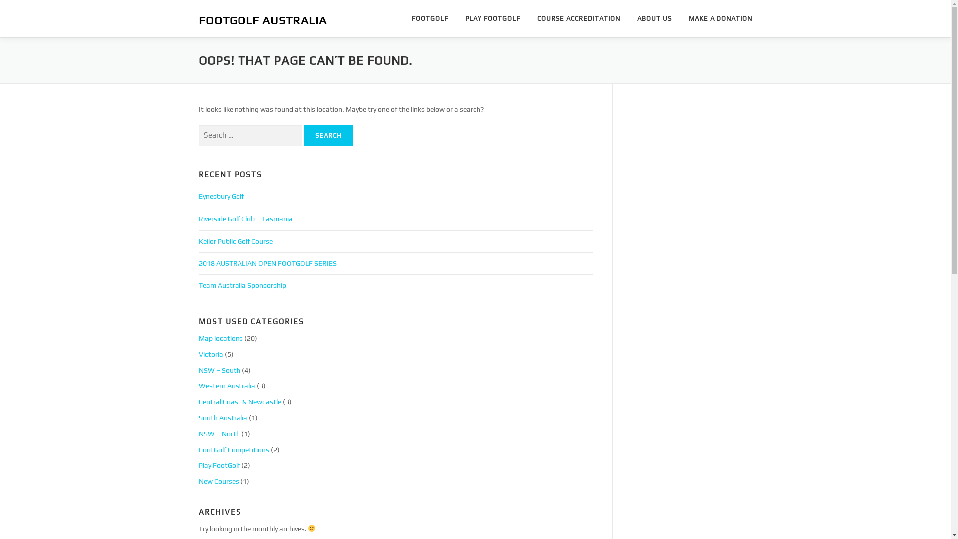 This screenshot has width=958, height=539. What do you see at coordinates (220, 338) in the screenshot?
I see `'Map locations'` at bounding box center [220, 338].